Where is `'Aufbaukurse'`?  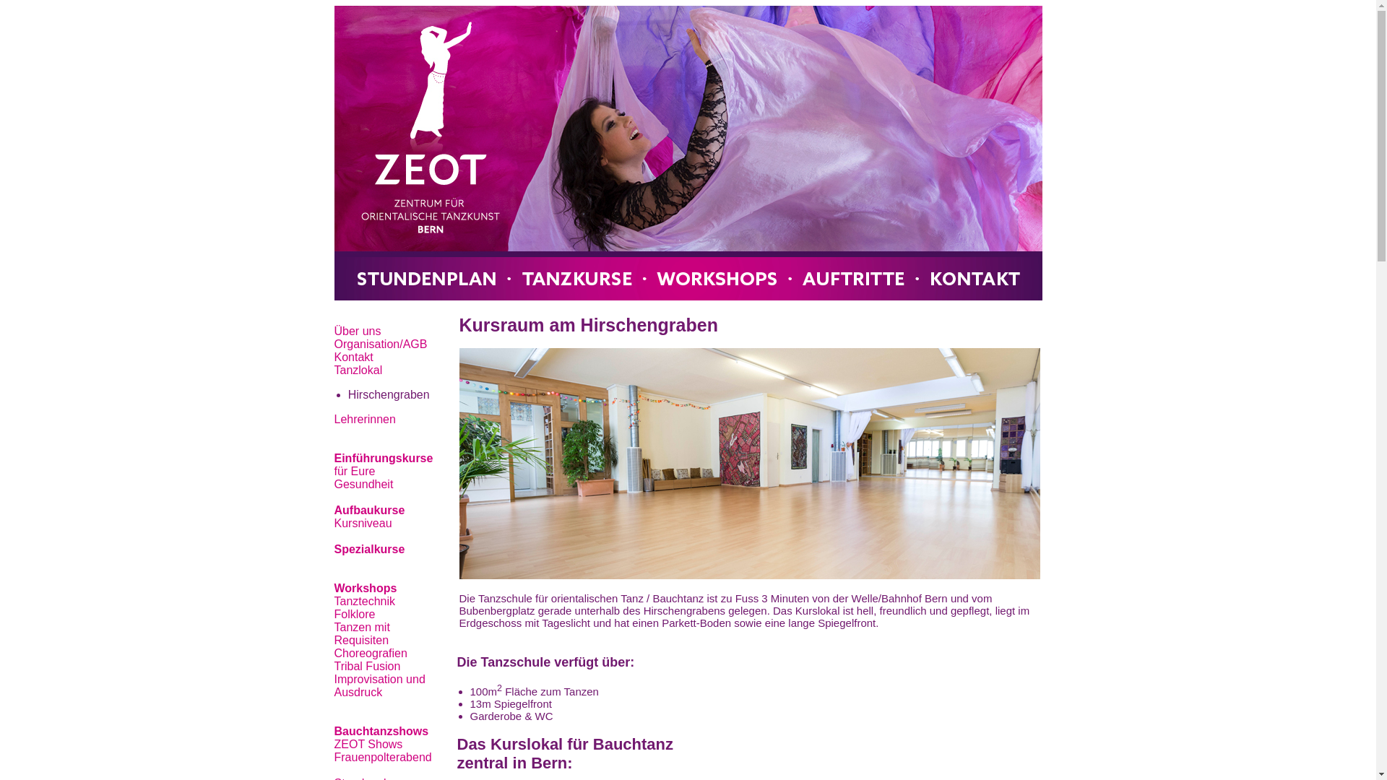 'Aufbaukurse' is located at coordinates (368, 509).